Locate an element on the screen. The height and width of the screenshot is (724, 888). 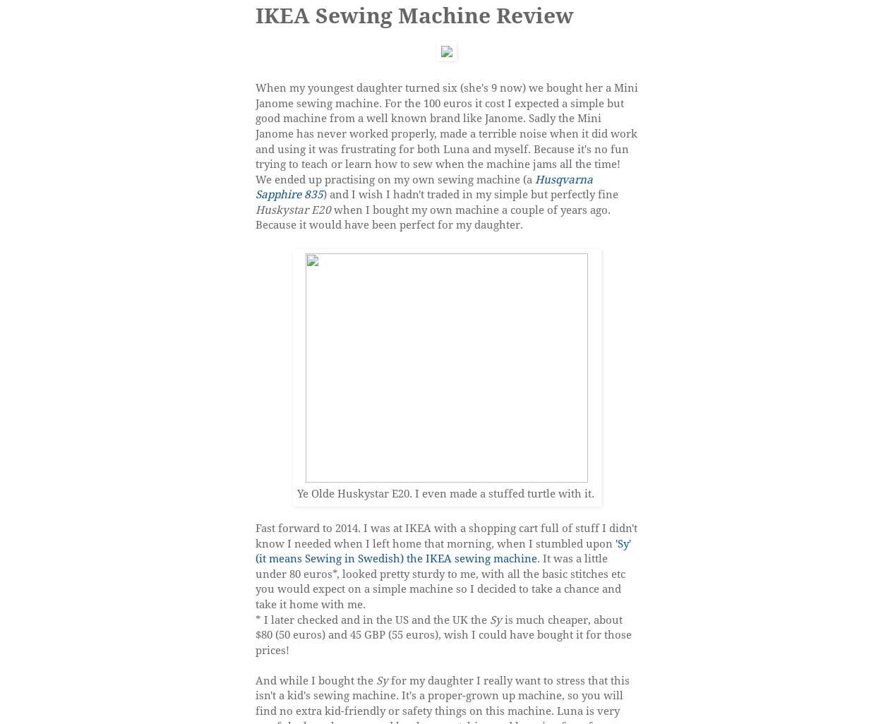
''Sy' (it means Sewing in Swedish) the IKEA sewing machine' is located at coordinates (442, 550).